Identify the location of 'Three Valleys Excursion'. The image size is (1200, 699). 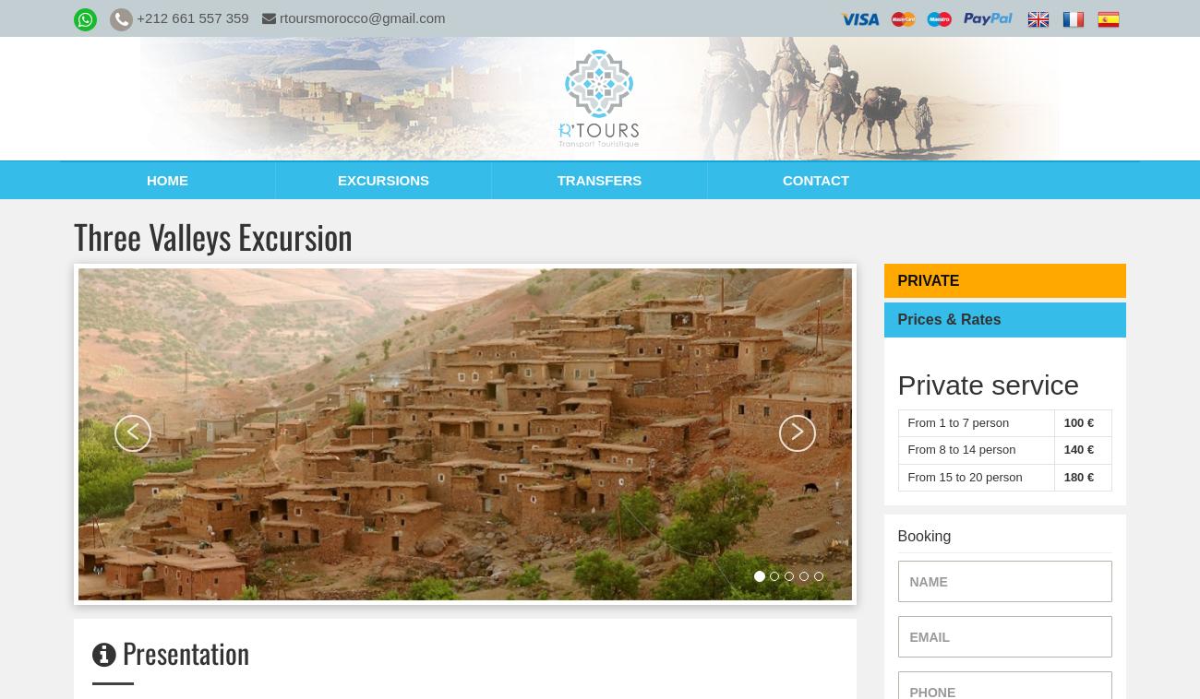
(212, 235).